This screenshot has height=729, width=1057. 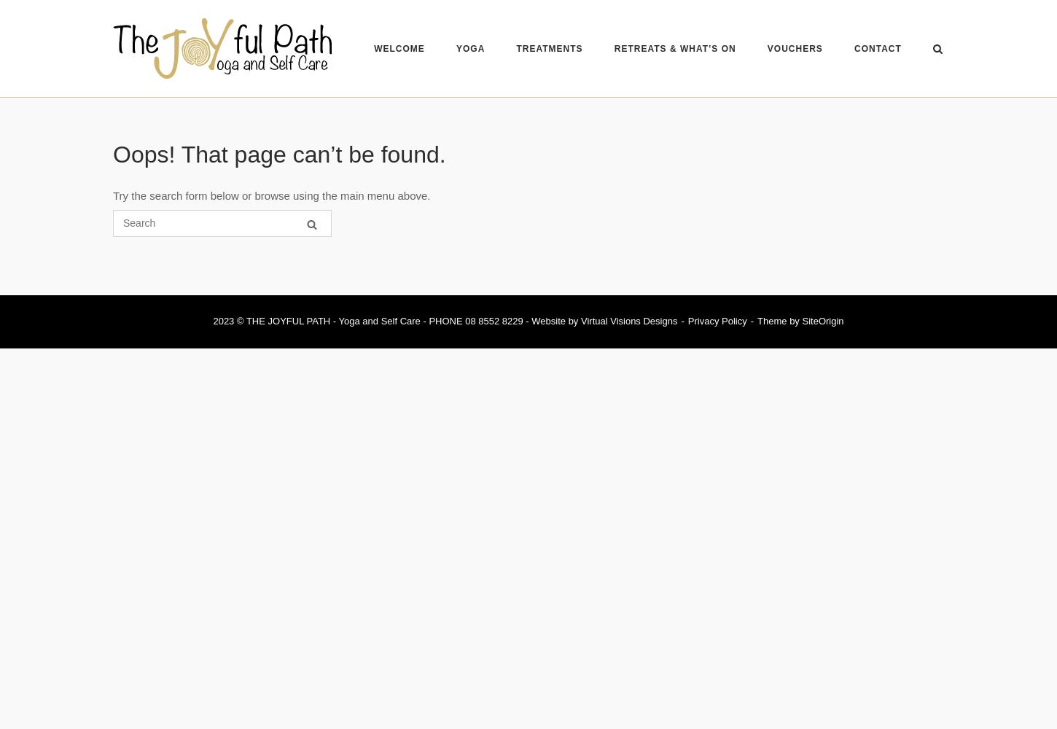 What do you see at coordinates (531, 98) in the screenshot?
I see `'THERAPISTS'` at bounding box center [531, 98].